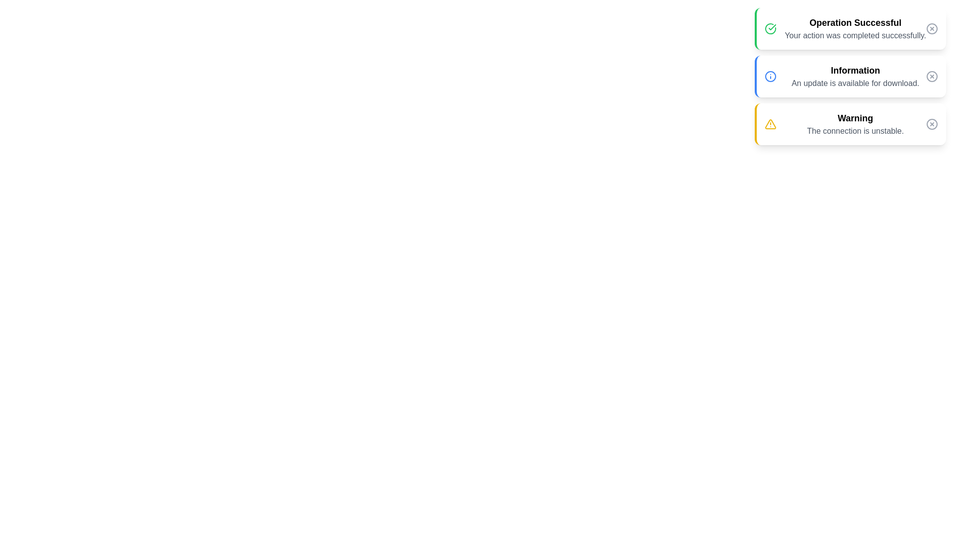  I want to click on dismiss button for the notification with title Warning, so click(932, 124).